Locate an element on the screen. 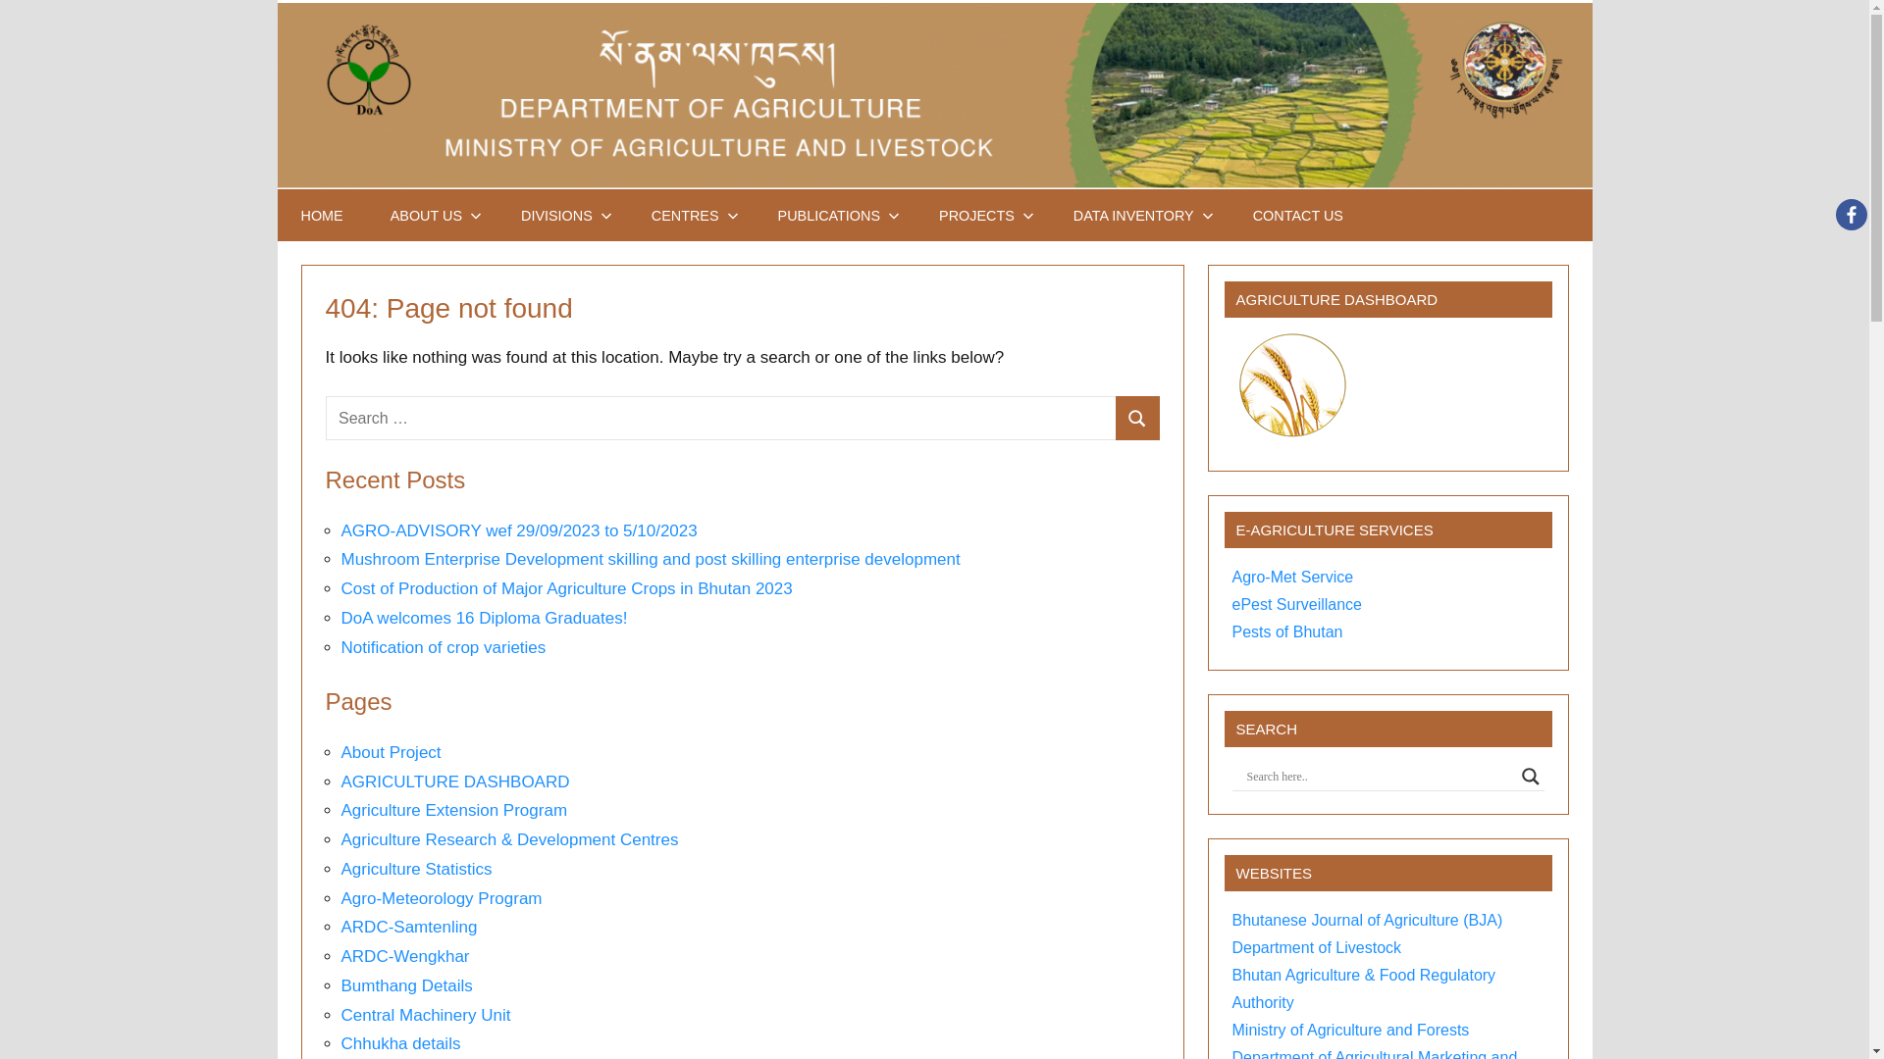 The width and height of the screenshot is (1884, 1059). 'DoA welcomes 16 Diploma Graduates!' is located at coordinates (485, 618).